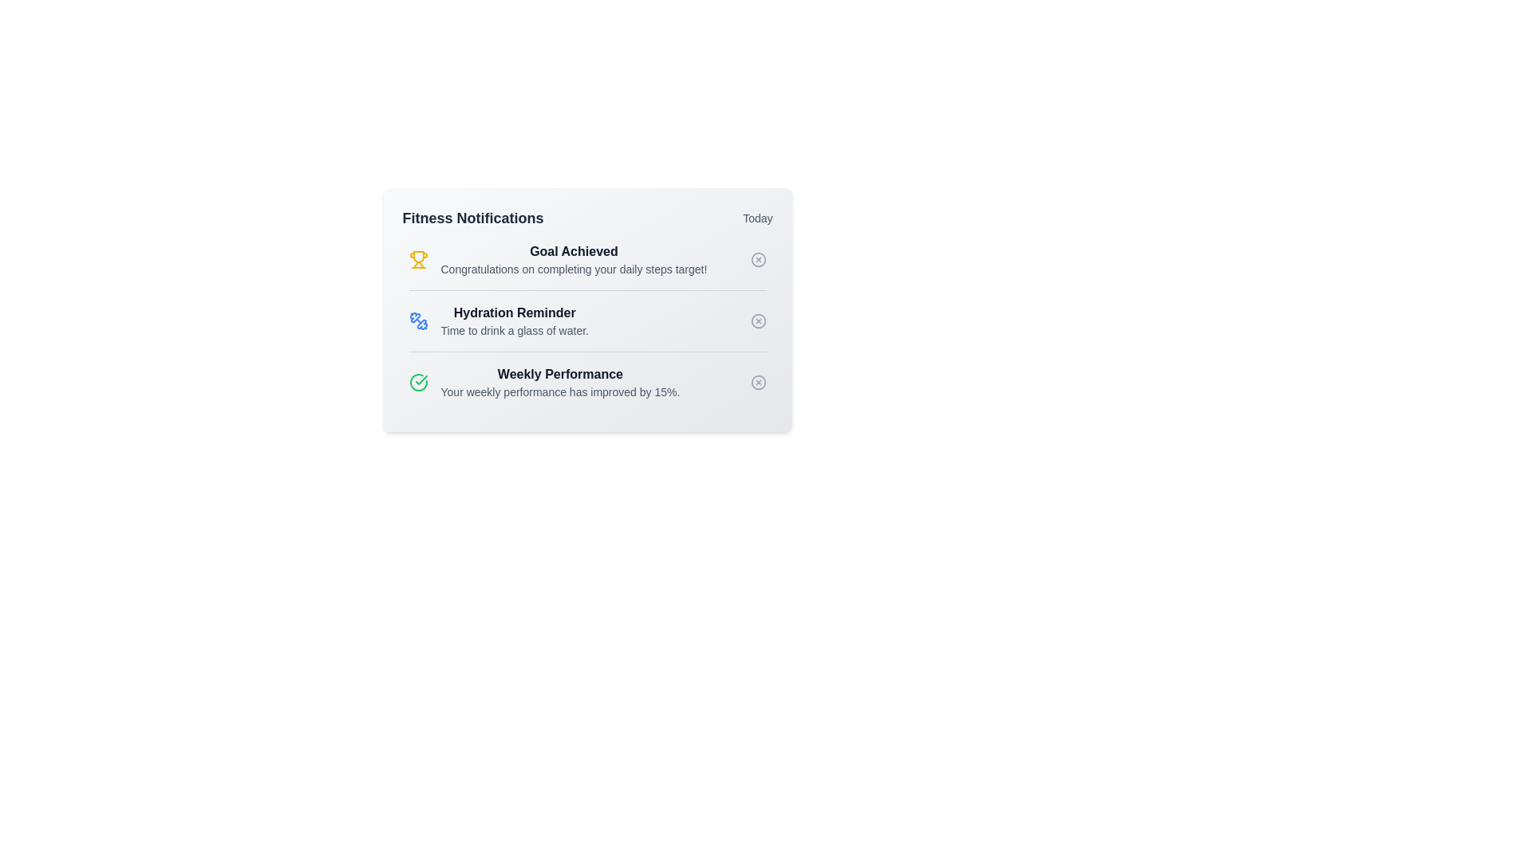 This screenshot has width=1532, height=861. Describe the element at coordinates (756, 218) in the screenshot. I see `text content of the text label displaying 'Today', located in the top right corner next to the 'Fitness Notifications' heading` at that location.